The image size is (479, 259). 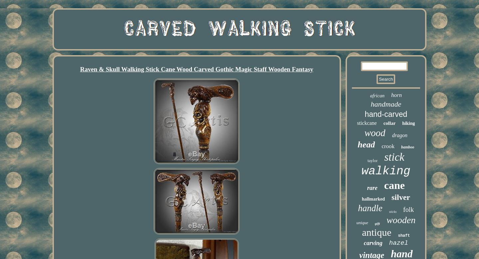 I want to click on 'african', so click(x=377, y=95).